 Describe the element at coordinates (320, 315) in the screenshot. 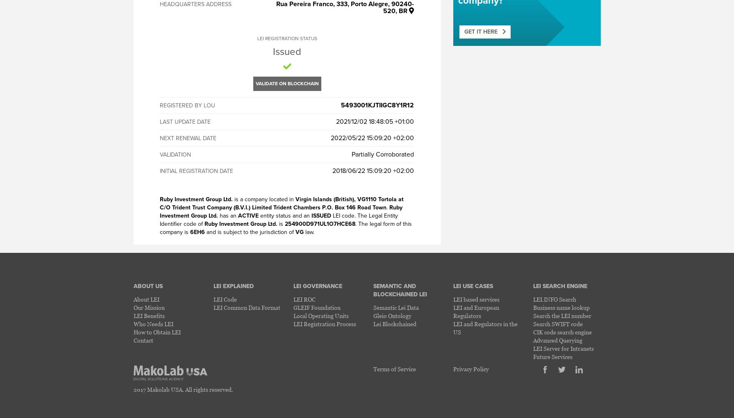

I see `'Local Operating Units'` at that location.